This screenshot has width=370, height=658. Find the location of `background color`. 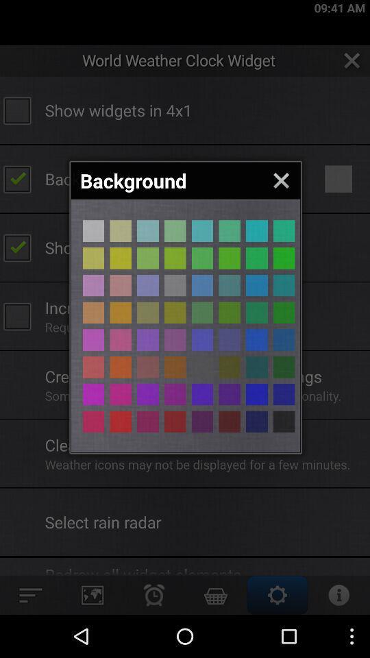

background color is located at coordinates (92, 313).